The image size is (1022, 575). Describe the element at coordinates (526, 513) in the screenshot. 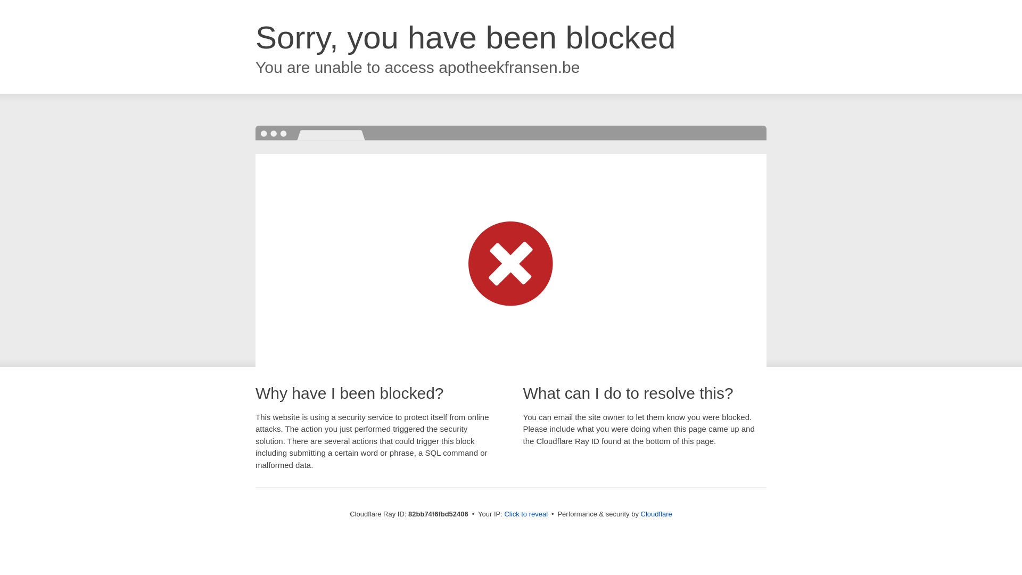

I see `'Click to reveal'` at that location.